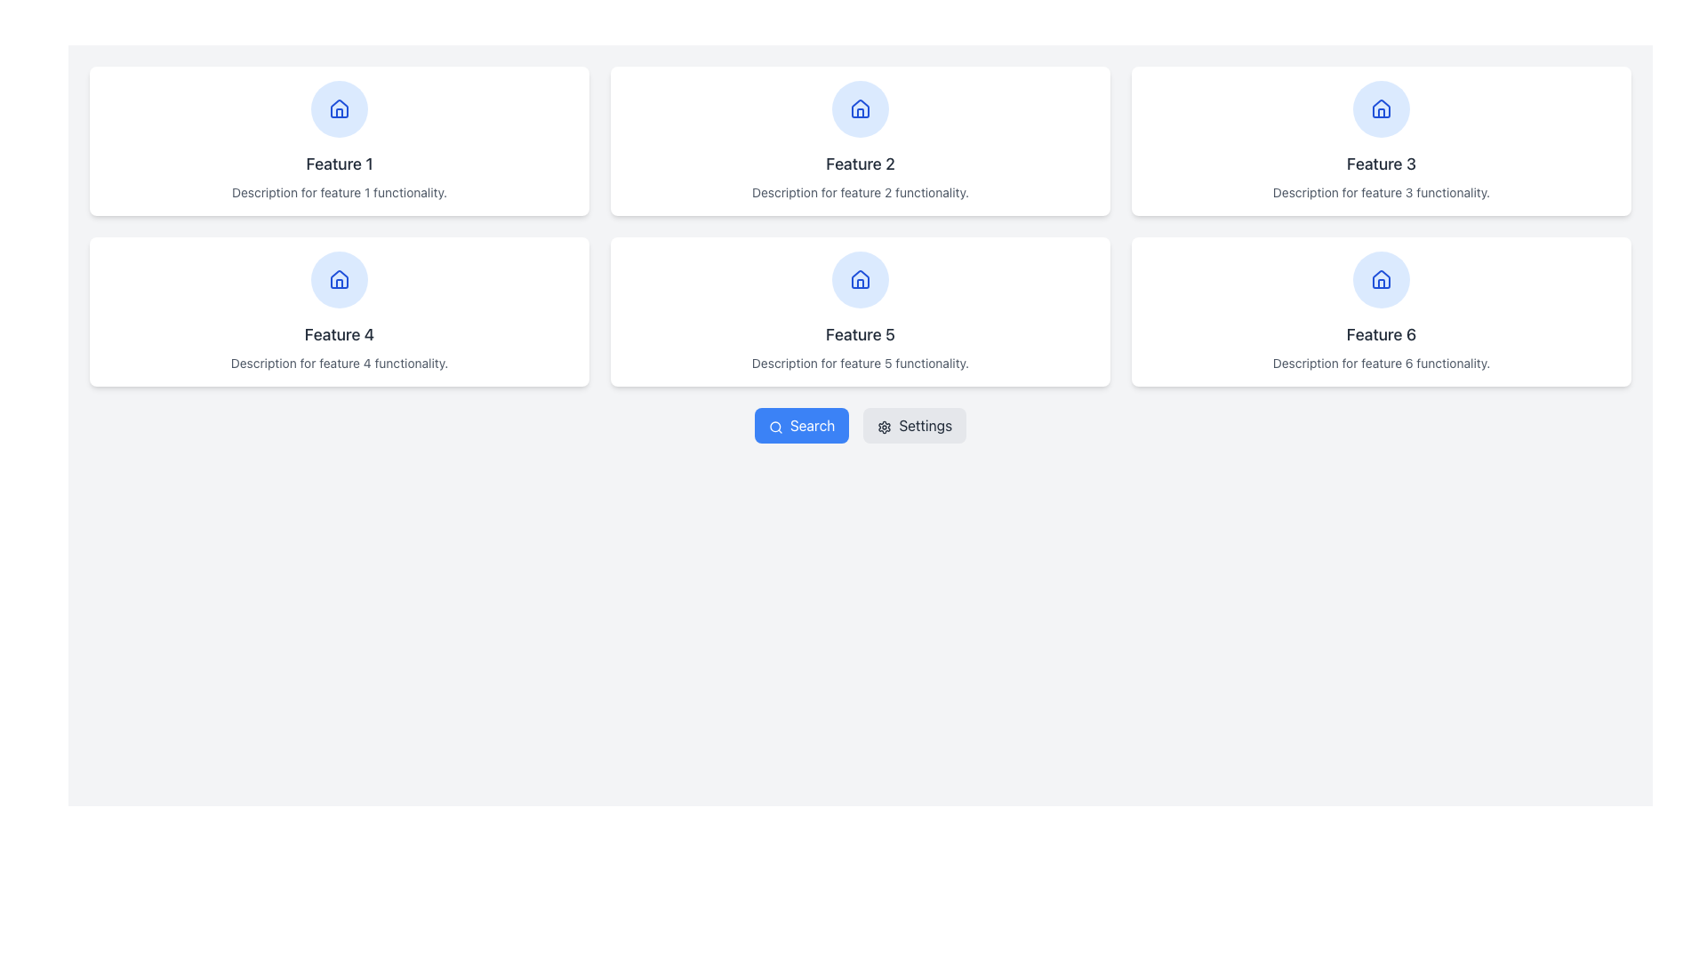 This screenshot has height=960, width=1707. I want to click on the Informational Card representing 'Feature 1', located at the top left of the grid layout, so click(340, 140).